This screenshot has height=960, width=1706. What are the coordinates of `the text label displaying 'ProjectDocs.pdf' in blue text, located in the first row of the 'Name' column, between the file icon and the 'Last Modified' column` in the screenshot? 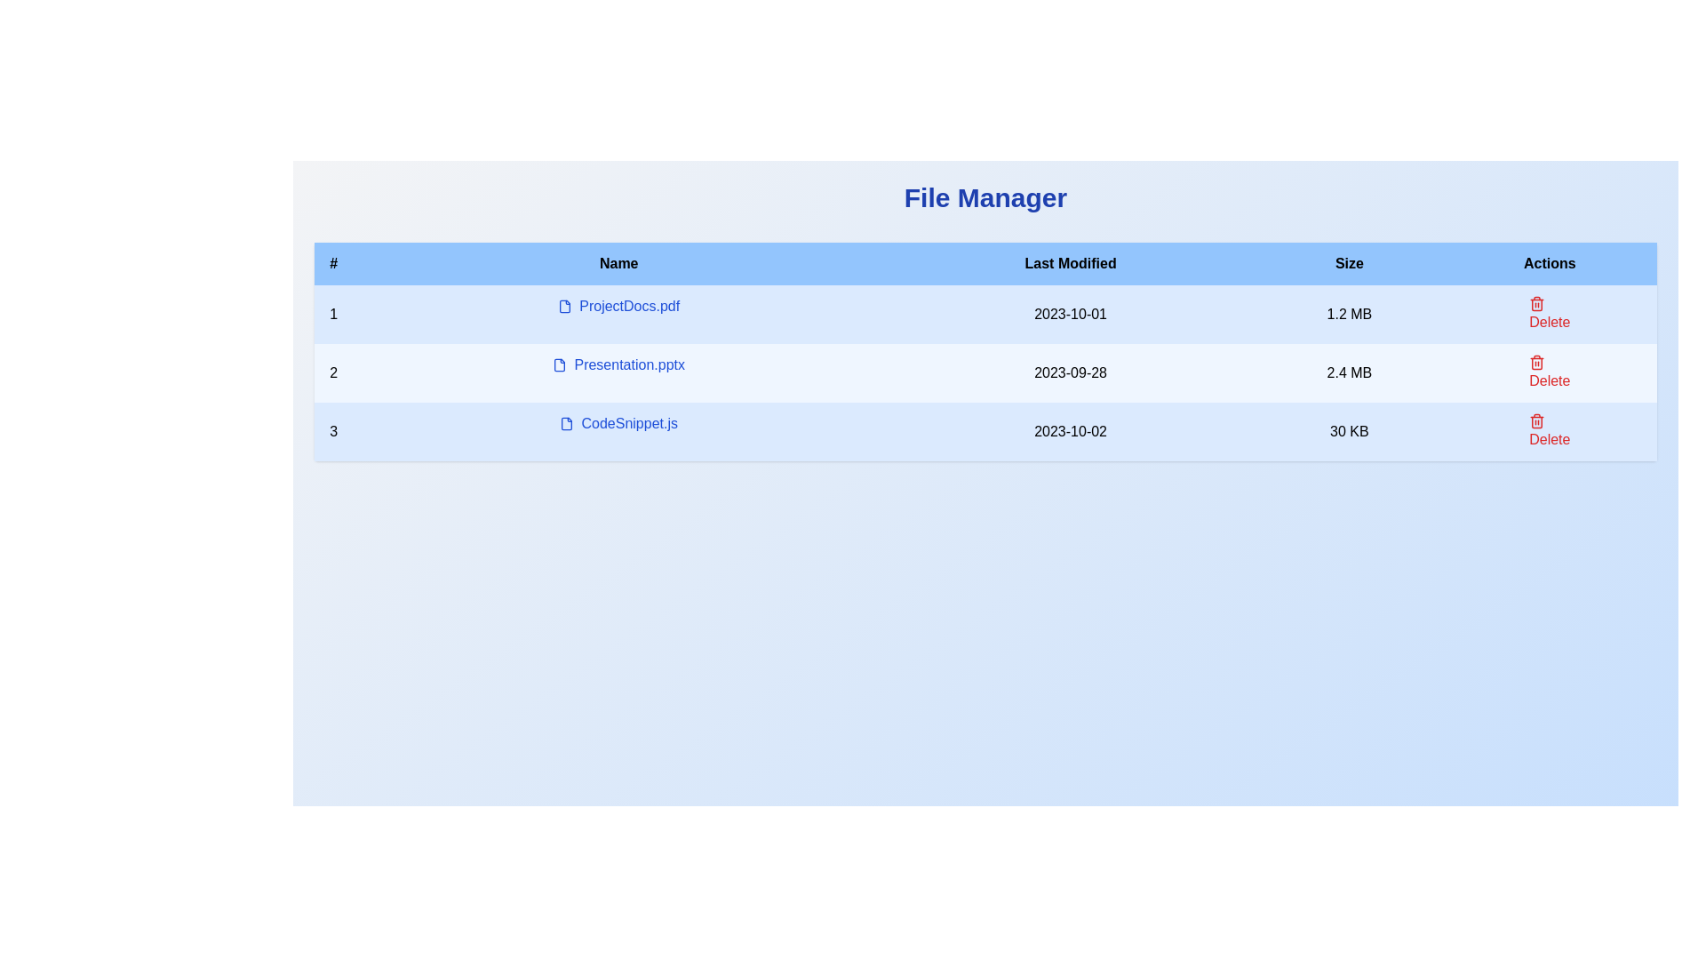 It's located at (618, 305).